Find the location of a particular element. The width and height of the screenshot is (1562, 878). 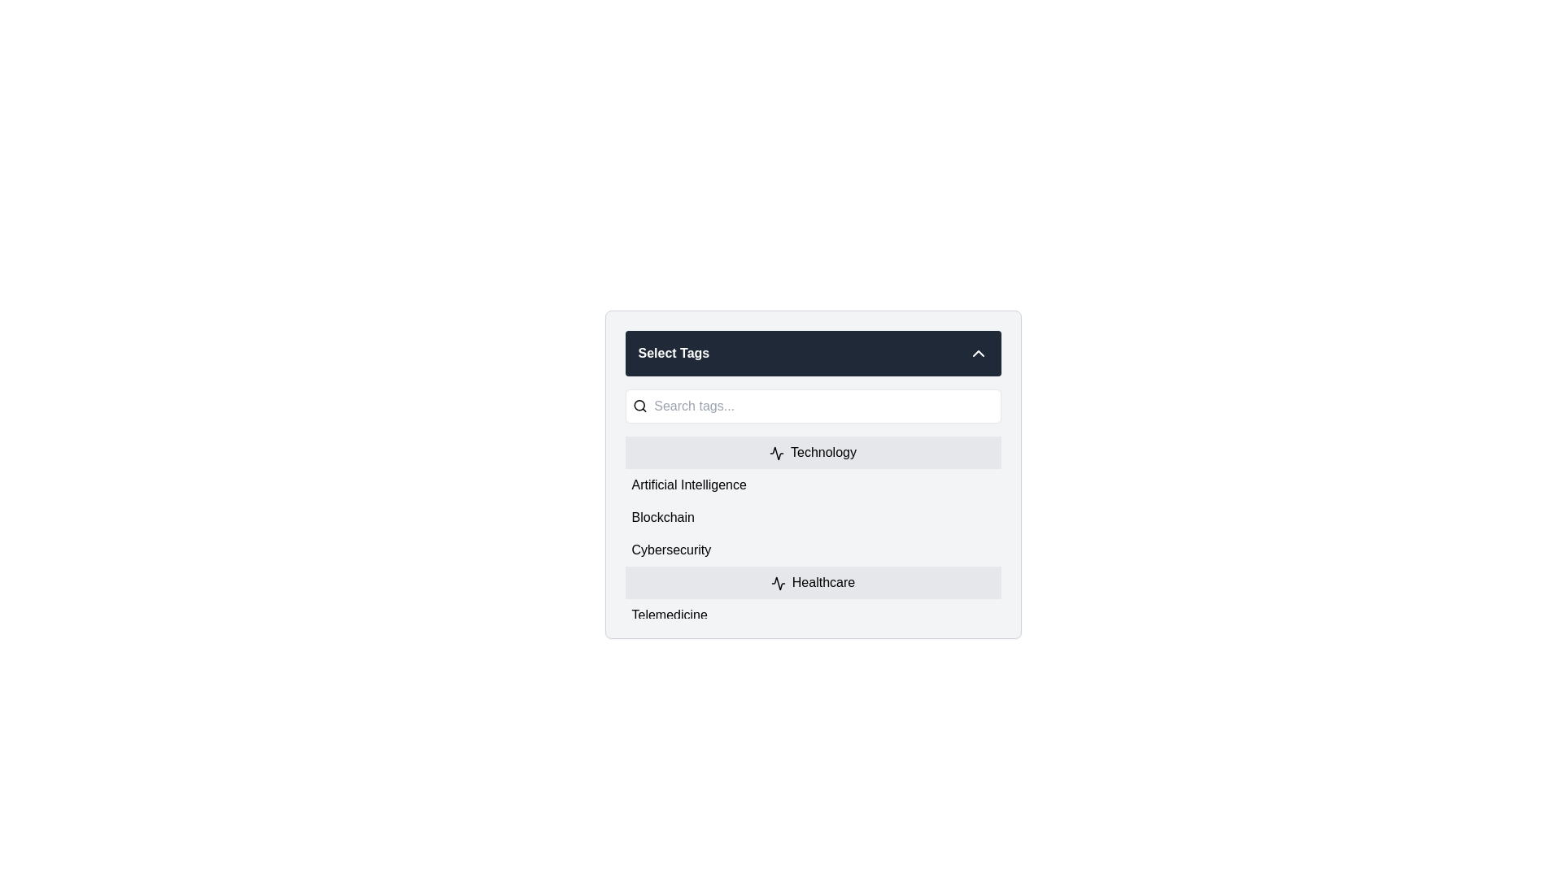

the first item in the vertically stacked 'Technology' category list, which is a Selectable List Item for selection or navigation is located at coordinates (813, 485).